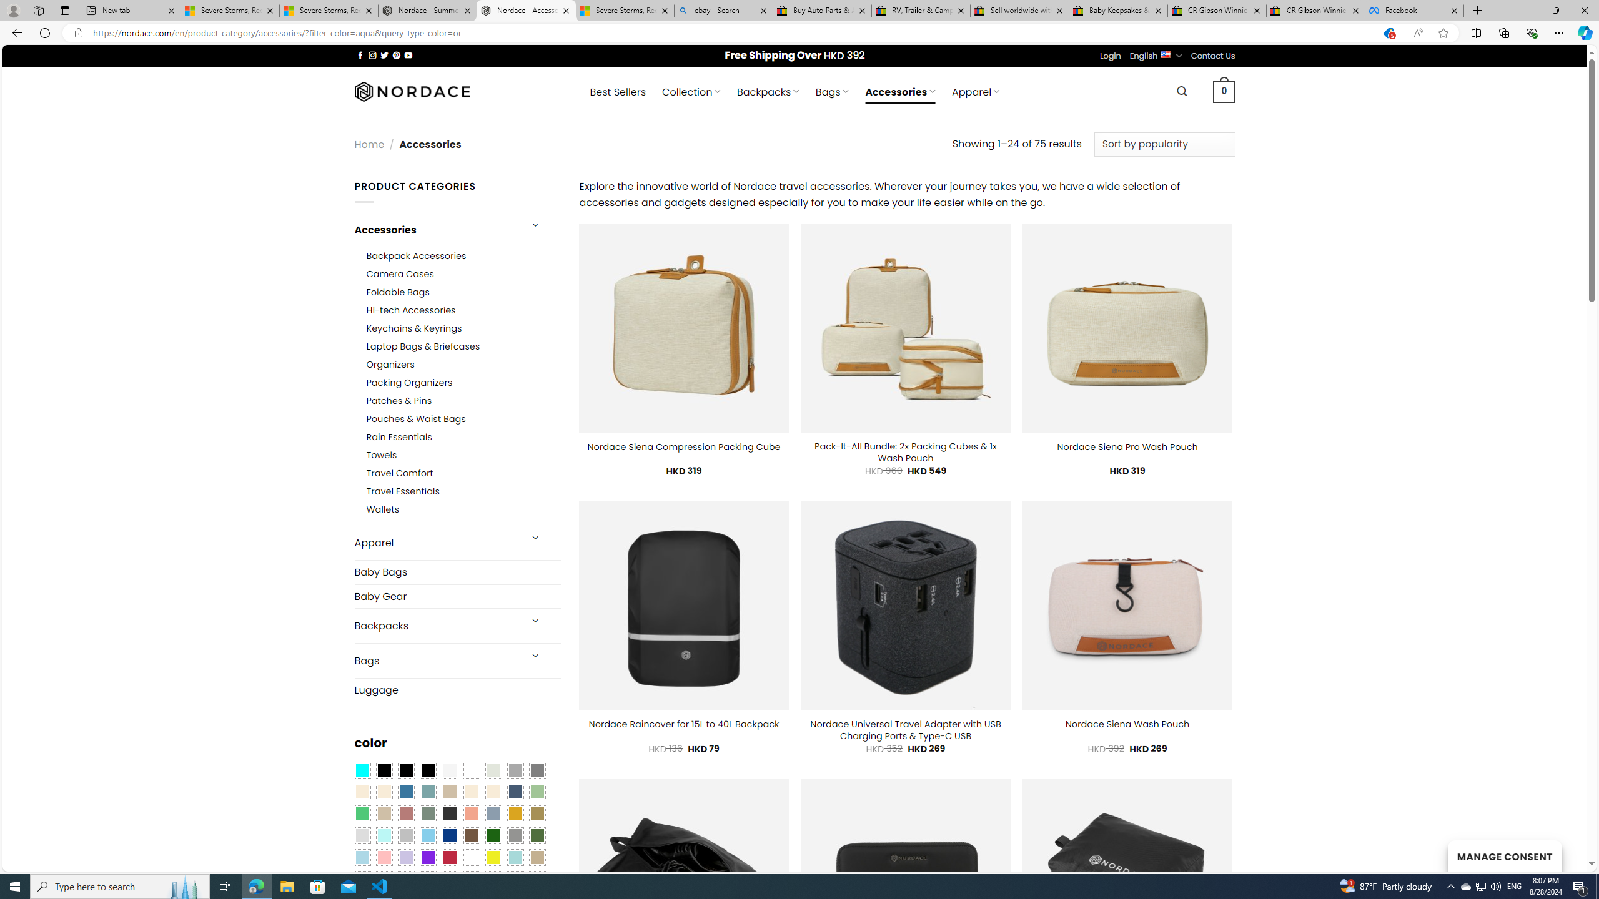 This screenshot has height=899, width=1599. Describe the element at coordinates (435, 626) in the screenshot. I see `'Backpacks'` at that location.